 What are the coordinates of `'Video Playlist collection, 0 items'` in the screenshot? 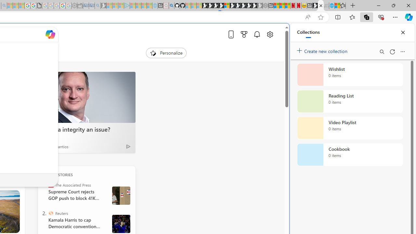 It's located at (350, 128).